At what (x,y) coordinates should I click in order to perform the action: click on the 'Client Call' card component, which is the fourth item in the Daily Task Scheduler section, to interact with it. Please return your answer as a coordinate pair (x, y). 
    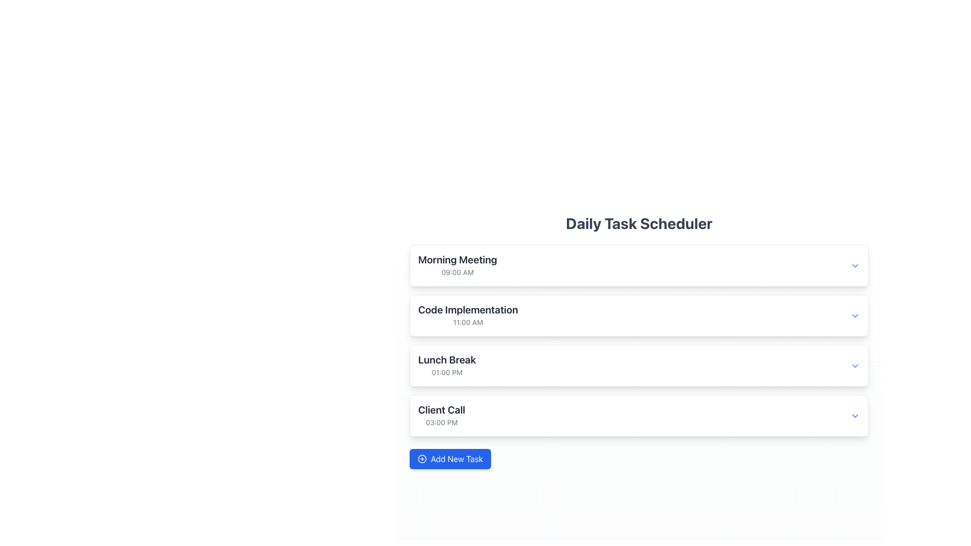
    Looking at the image, I should click on (638, 416).